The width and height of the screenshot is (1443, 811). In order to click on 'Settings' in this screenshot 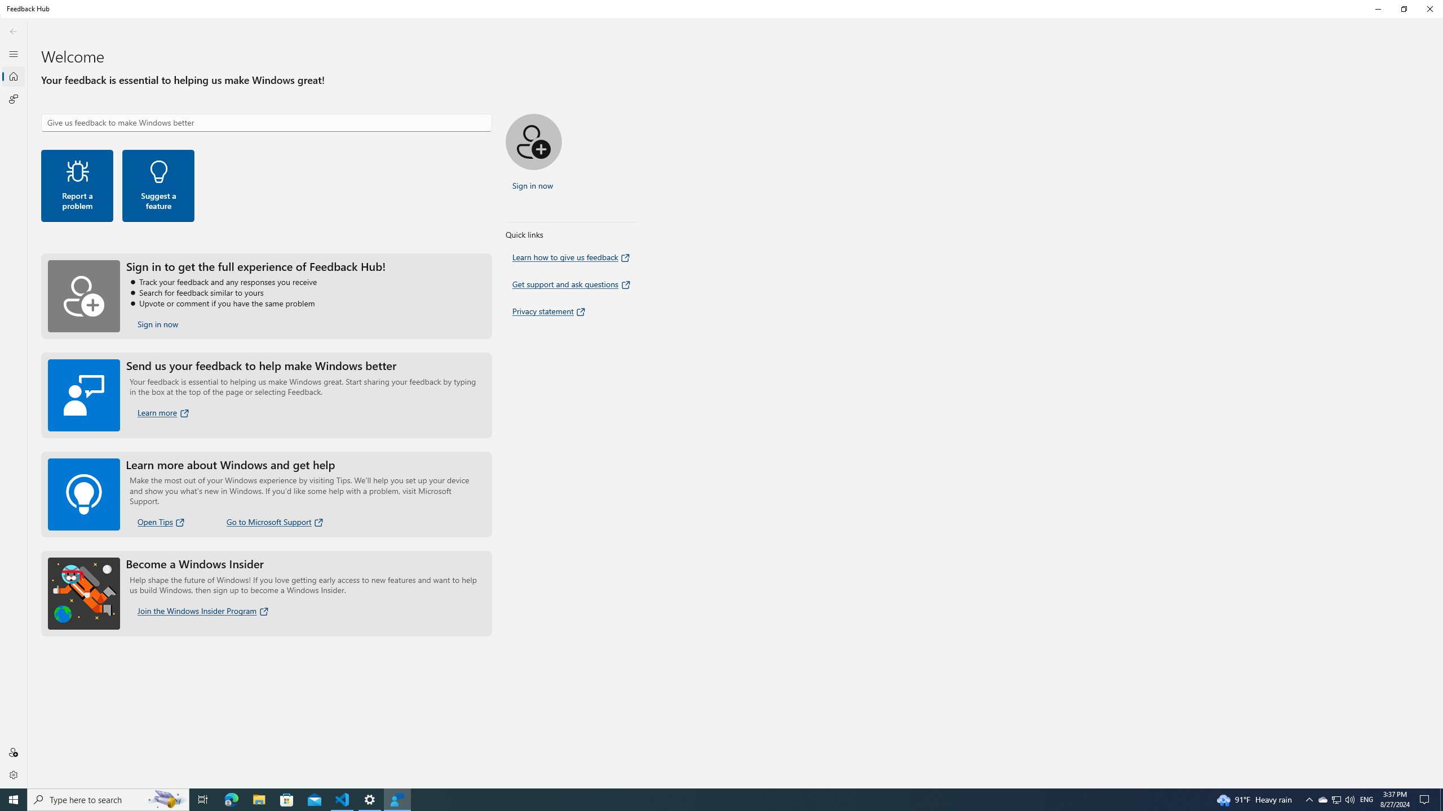, I will do `click(14, 774)`.